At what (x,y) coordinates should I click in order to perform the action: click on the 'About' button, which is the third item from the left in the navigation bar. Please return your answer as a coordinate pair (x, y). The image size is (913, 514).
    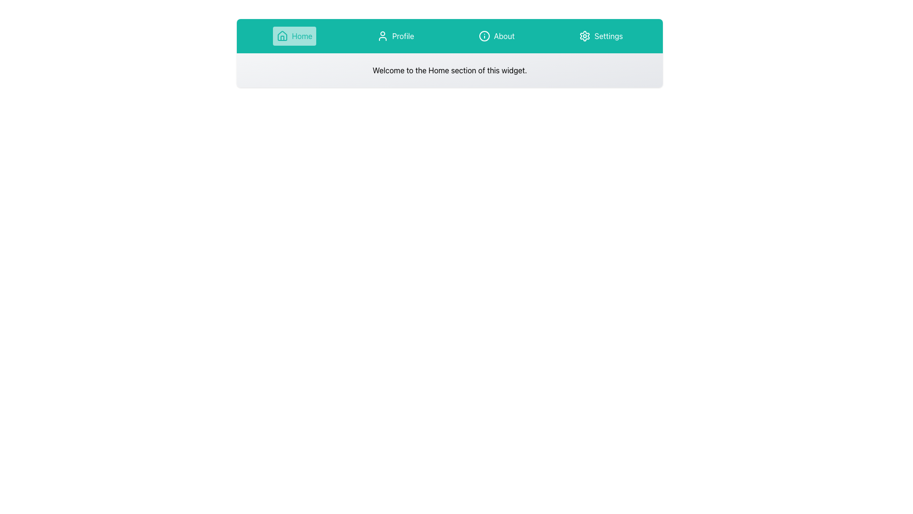
    Looking at the image, I should click on (496, 36).